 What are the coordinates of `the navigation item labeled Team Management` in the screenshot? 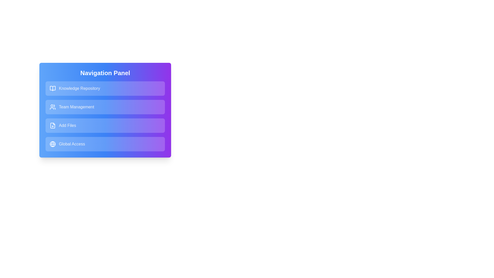 It's located at (105, 107).